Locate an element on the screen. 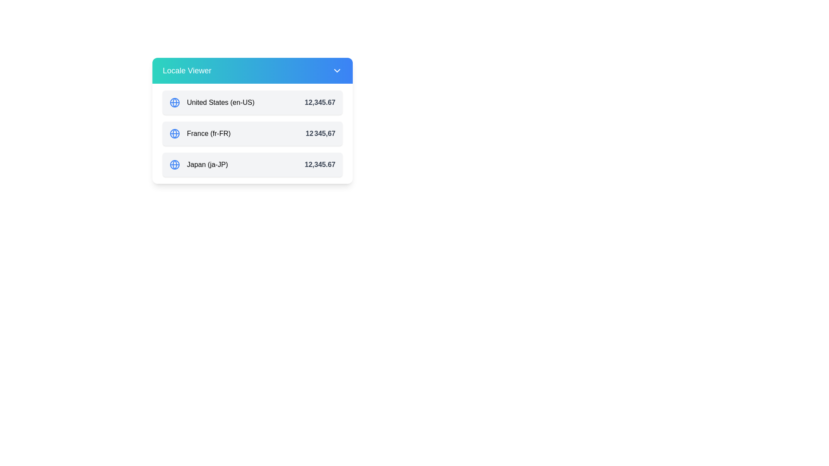 Image resolution: width=829 pixels, height=466 pixels. the second List item row in the 'Locale Viewer' that represents locale-specific information, specifically for a country name, locale identifier, and formatted numeric value is located at coordinates (252, 133).